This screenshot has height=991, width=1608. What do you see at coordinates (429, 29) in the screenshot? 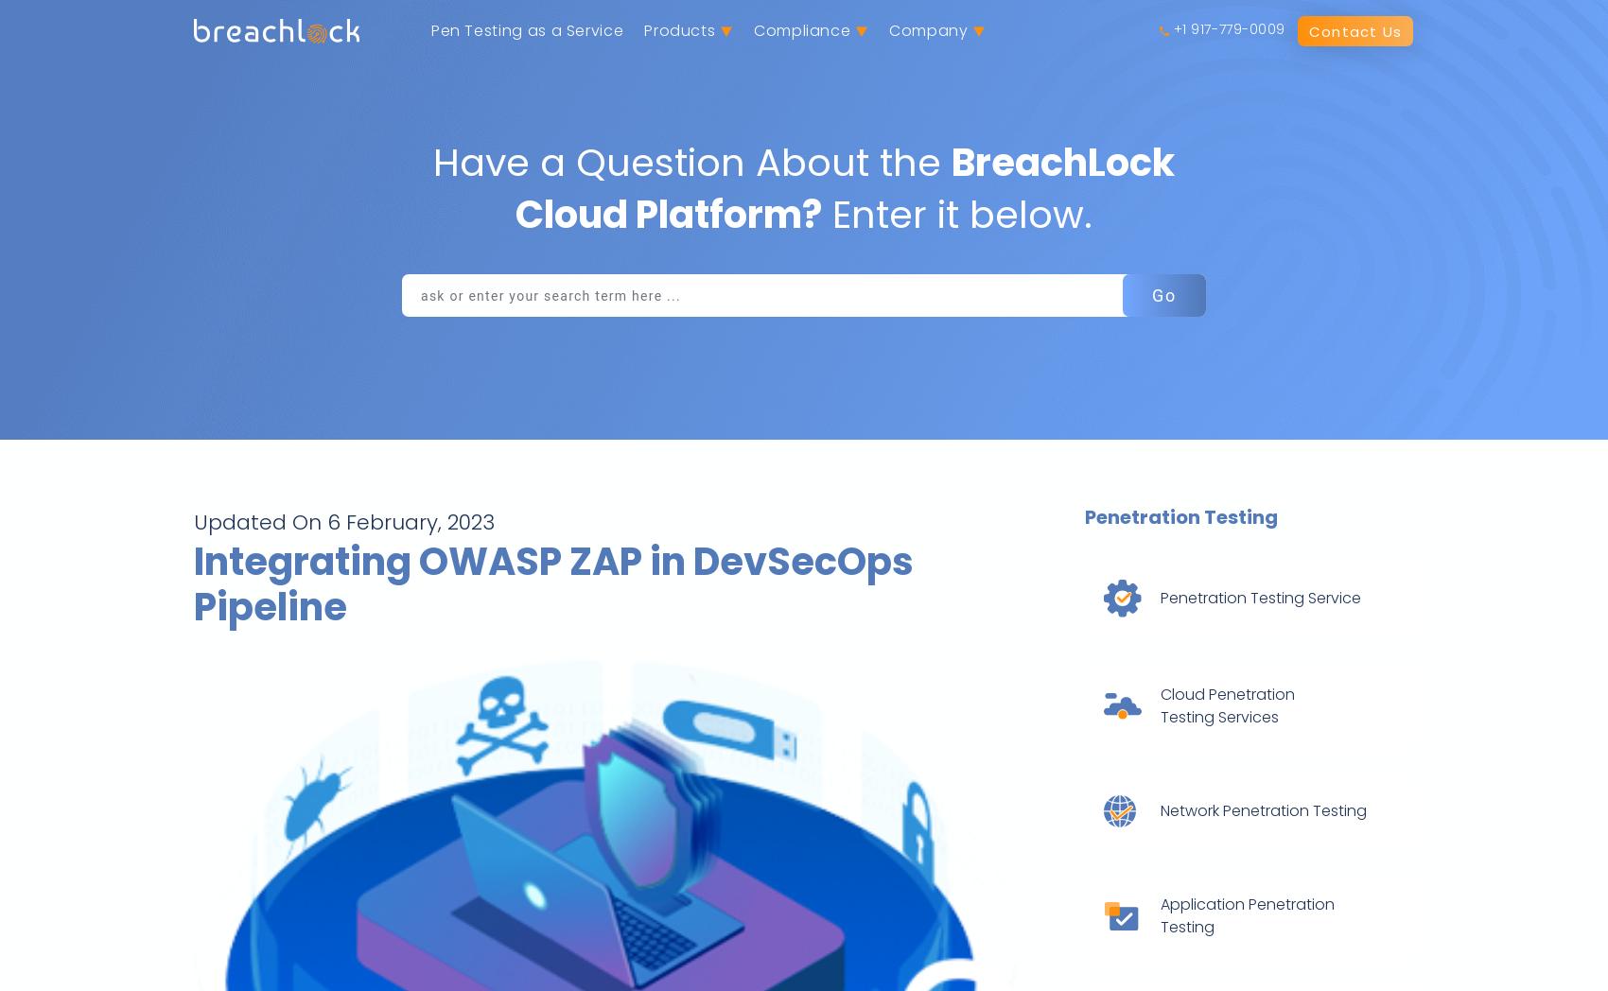
I see `'Pen Testing as a Service'` at bounding box center [429, 29].